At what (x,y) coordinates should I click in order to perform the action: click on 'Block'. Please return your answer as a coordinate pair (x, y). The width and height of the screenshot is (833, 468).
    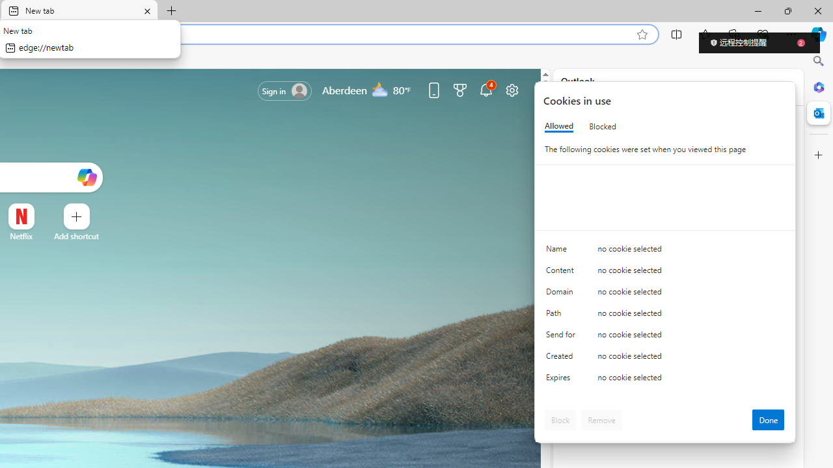
    Looking at the image, I should click on (560, 419).